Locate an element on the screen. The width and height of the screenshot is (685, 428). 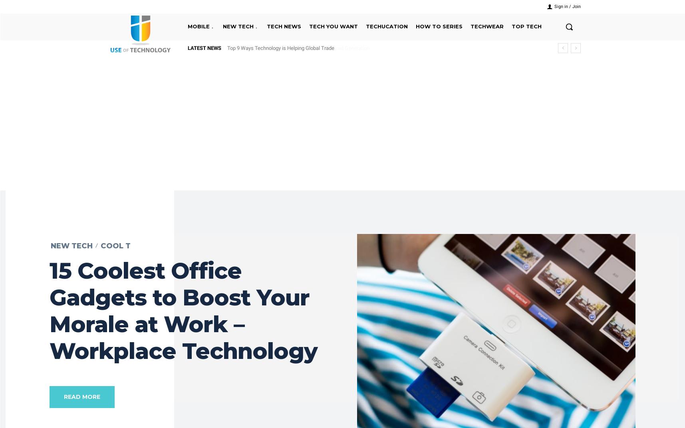
'type here...' is located at coordinates (322, 62).